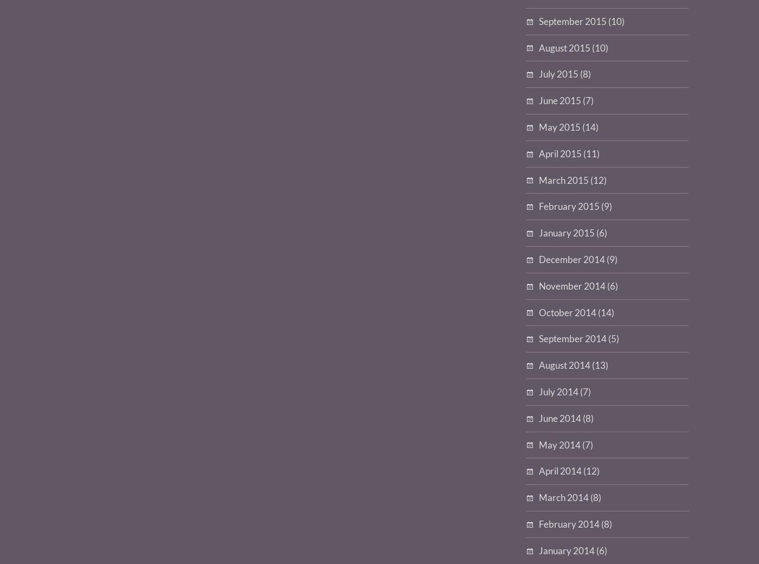  Describe the element at coordinates (569, 206) in the screenshot. I see `'February 2015'` at that location.